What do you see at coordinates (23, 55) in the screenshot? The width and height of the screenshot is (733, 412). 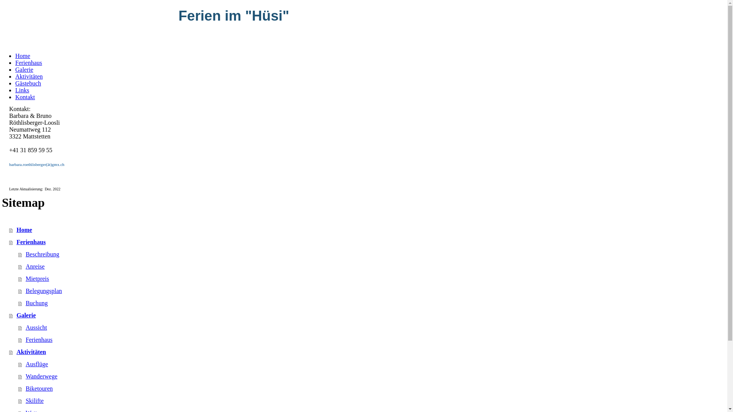 I see `'Home'` at bounding box center [23, 55].